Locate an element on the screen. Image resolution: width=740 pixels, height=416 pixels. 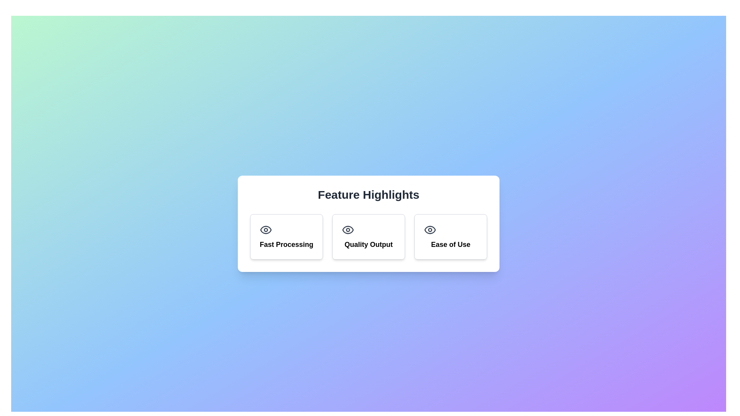
the text label displaying 'Ease of Use', which is styled in a larger, bold font and is positioned towards the bottom center of the rightmost card under 'Feature Highlights' is located at coordinates (451, 245).